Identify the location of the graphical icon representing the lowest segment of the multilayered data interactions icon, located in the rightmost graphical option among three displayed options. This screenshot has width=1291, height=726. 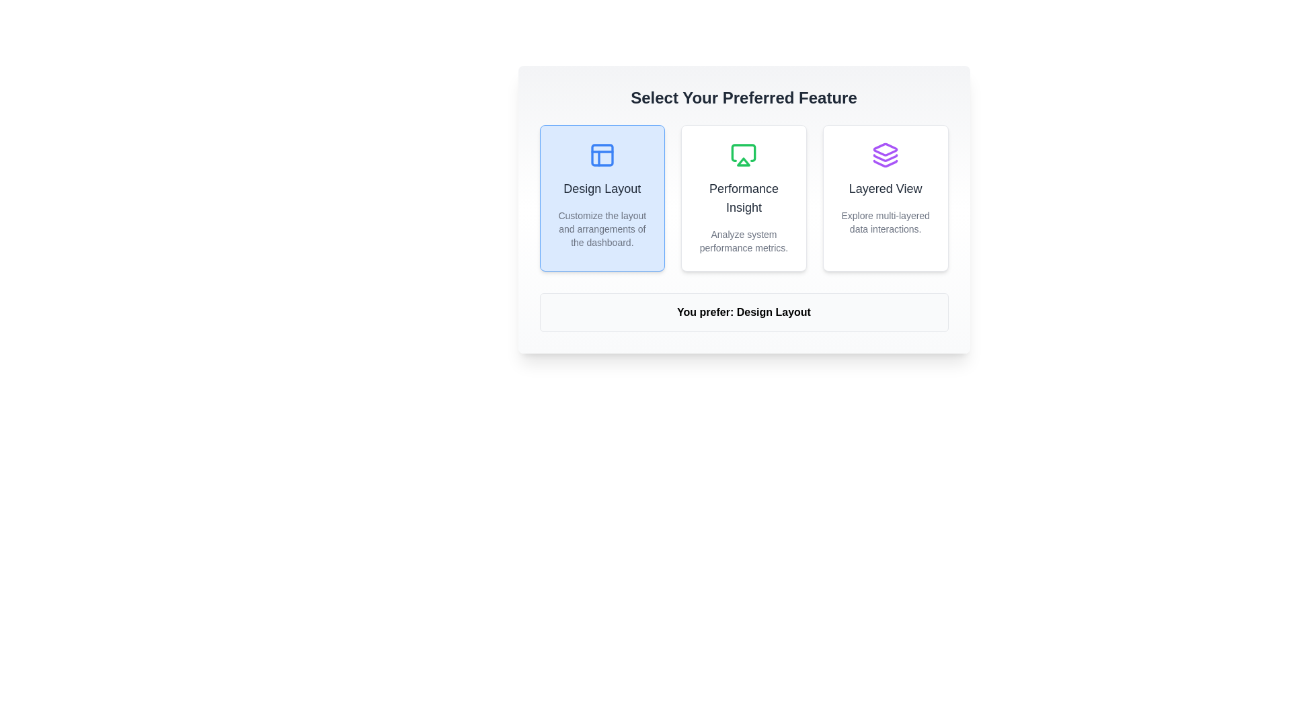
(886, 163).